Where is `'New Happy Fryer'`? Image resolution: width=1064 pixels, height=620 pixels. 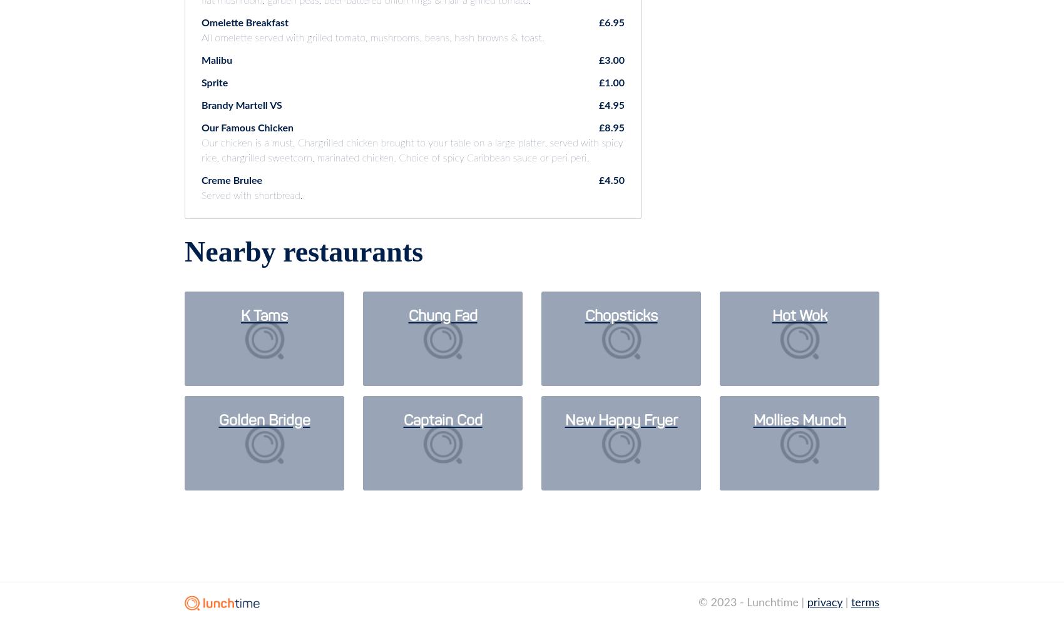
'New Happy Fryer' is located at coordinates (565, 420).